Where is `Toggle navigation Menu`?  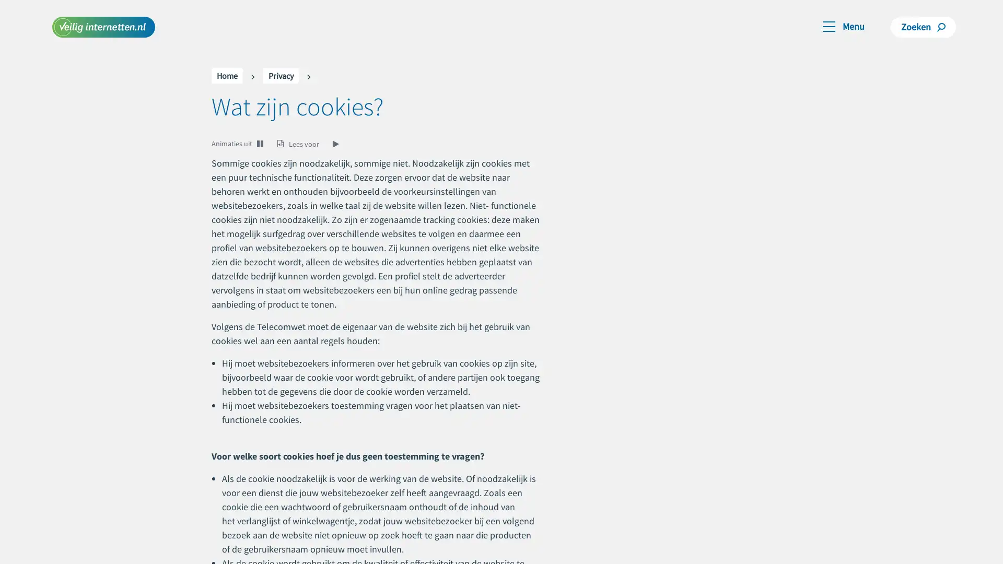 Toggle navigation Menu is located at coordinates (843, 25).